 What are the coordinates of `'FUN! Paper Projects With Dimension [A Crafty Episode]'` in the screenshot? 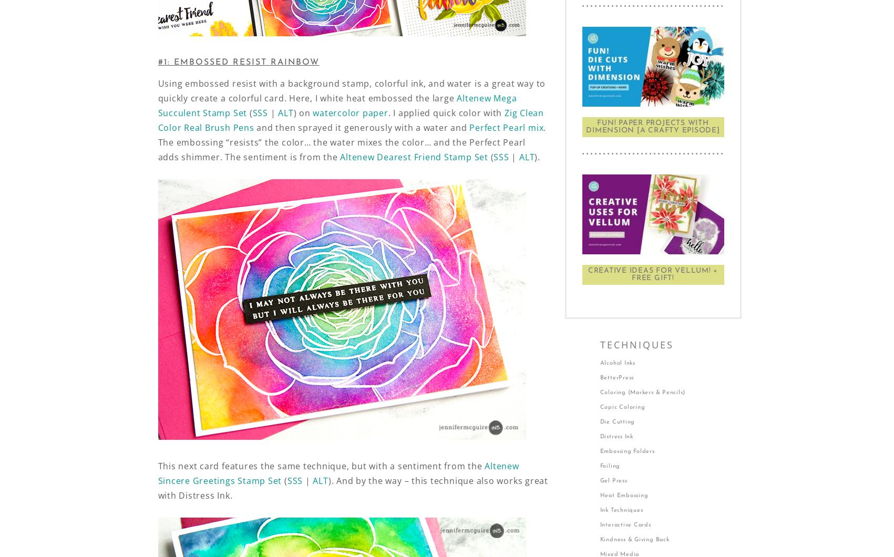 It's located at (653, 126).